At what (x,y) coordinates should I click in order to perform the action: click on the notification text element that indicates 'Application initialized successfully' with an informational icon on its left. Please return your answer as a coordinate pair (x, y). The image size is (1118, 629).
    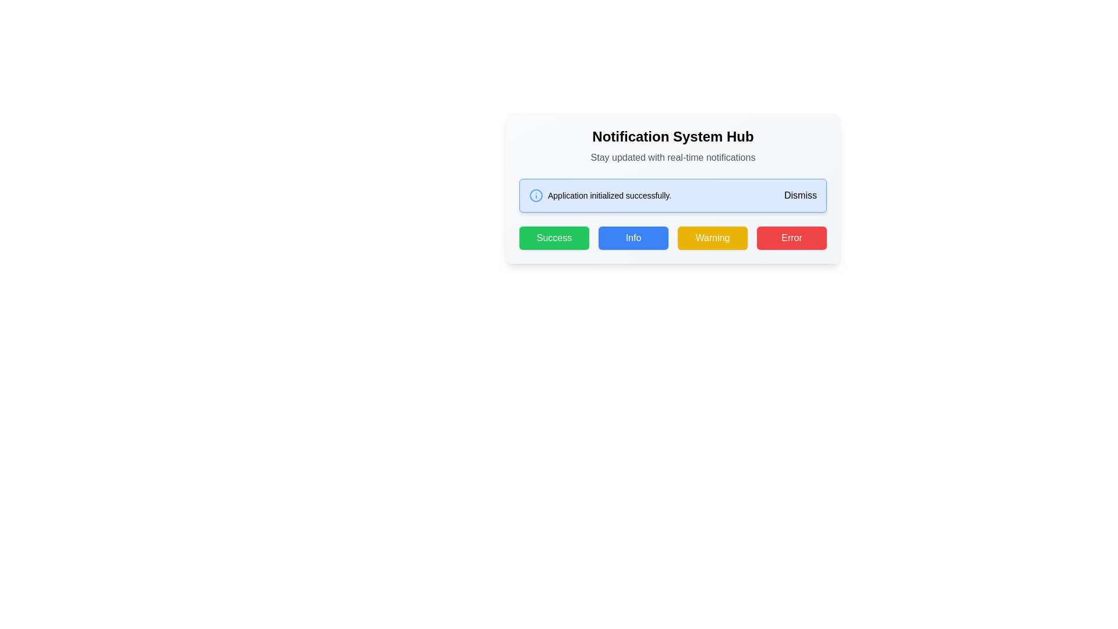
    Looking at the image, I should click on (600, 195).